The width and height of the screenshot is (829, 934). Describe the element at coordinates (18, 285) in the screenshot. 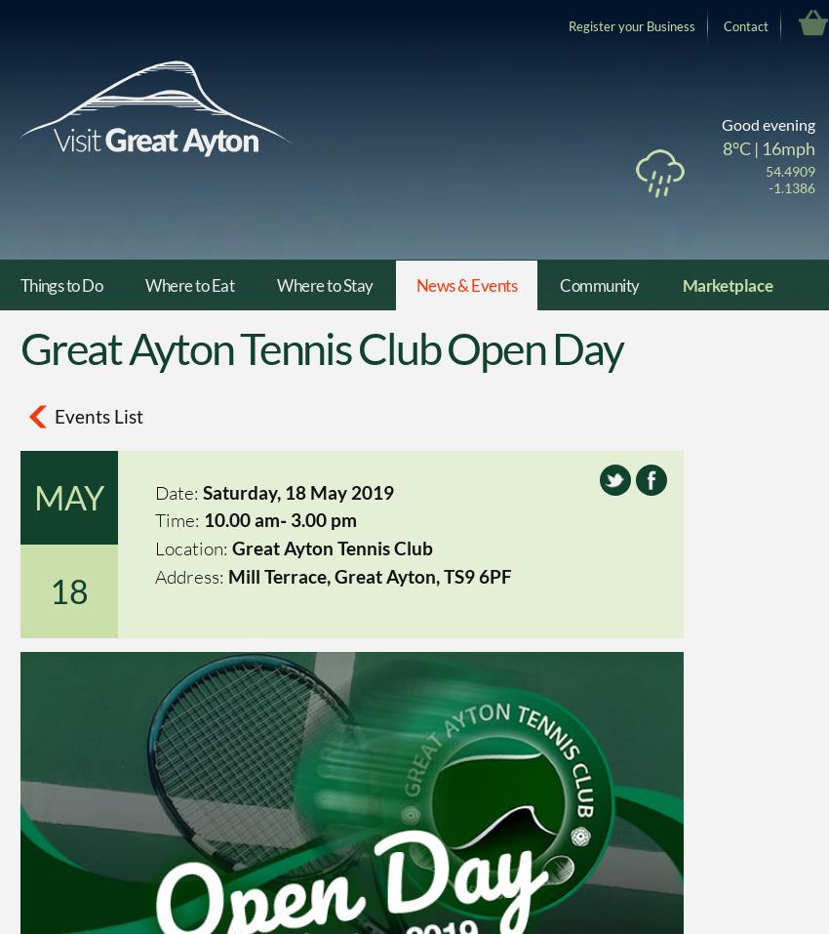

I see `'Things to Do'` at that location.